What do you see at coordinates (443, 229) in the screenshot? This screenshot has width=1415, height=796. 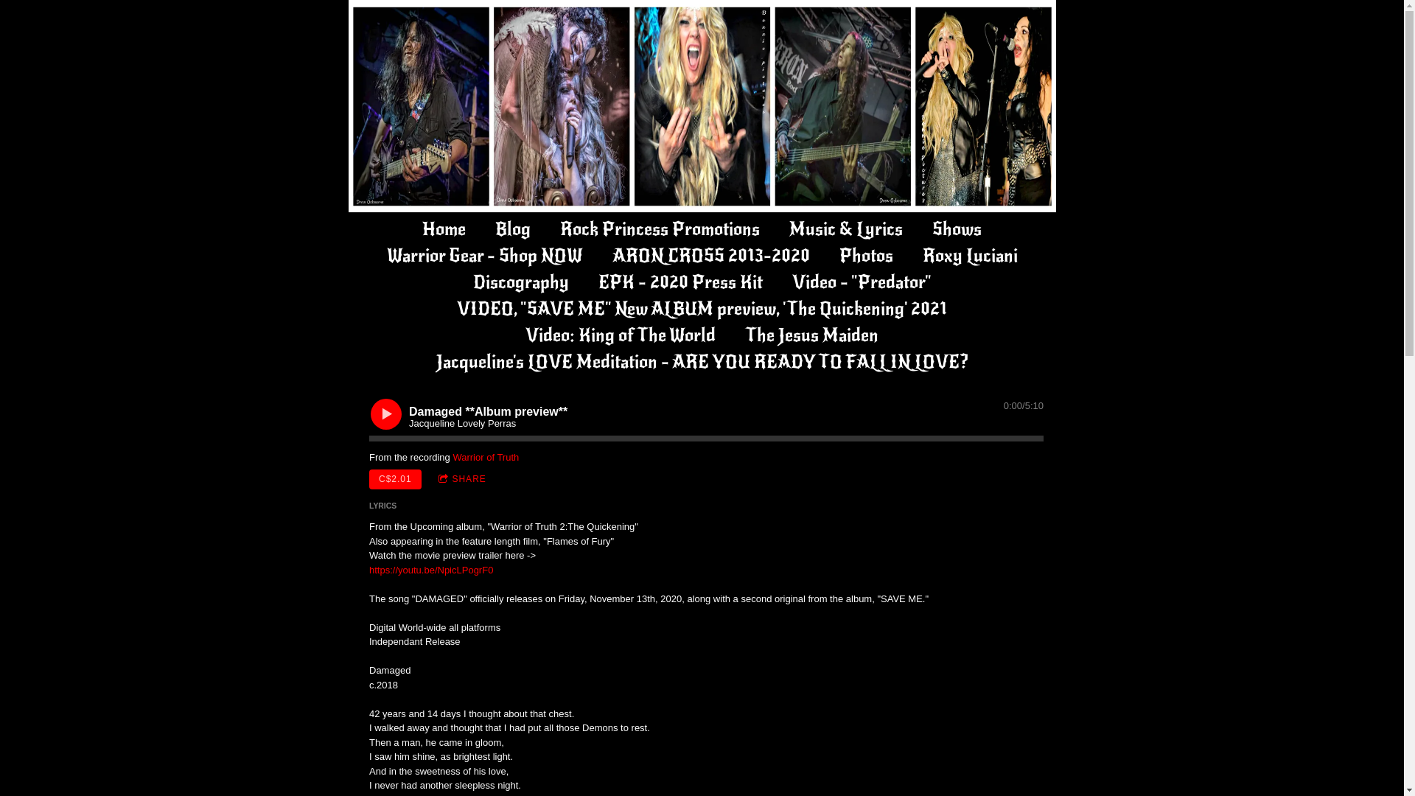 I see `'Home'` at bounding box center [443, 229].